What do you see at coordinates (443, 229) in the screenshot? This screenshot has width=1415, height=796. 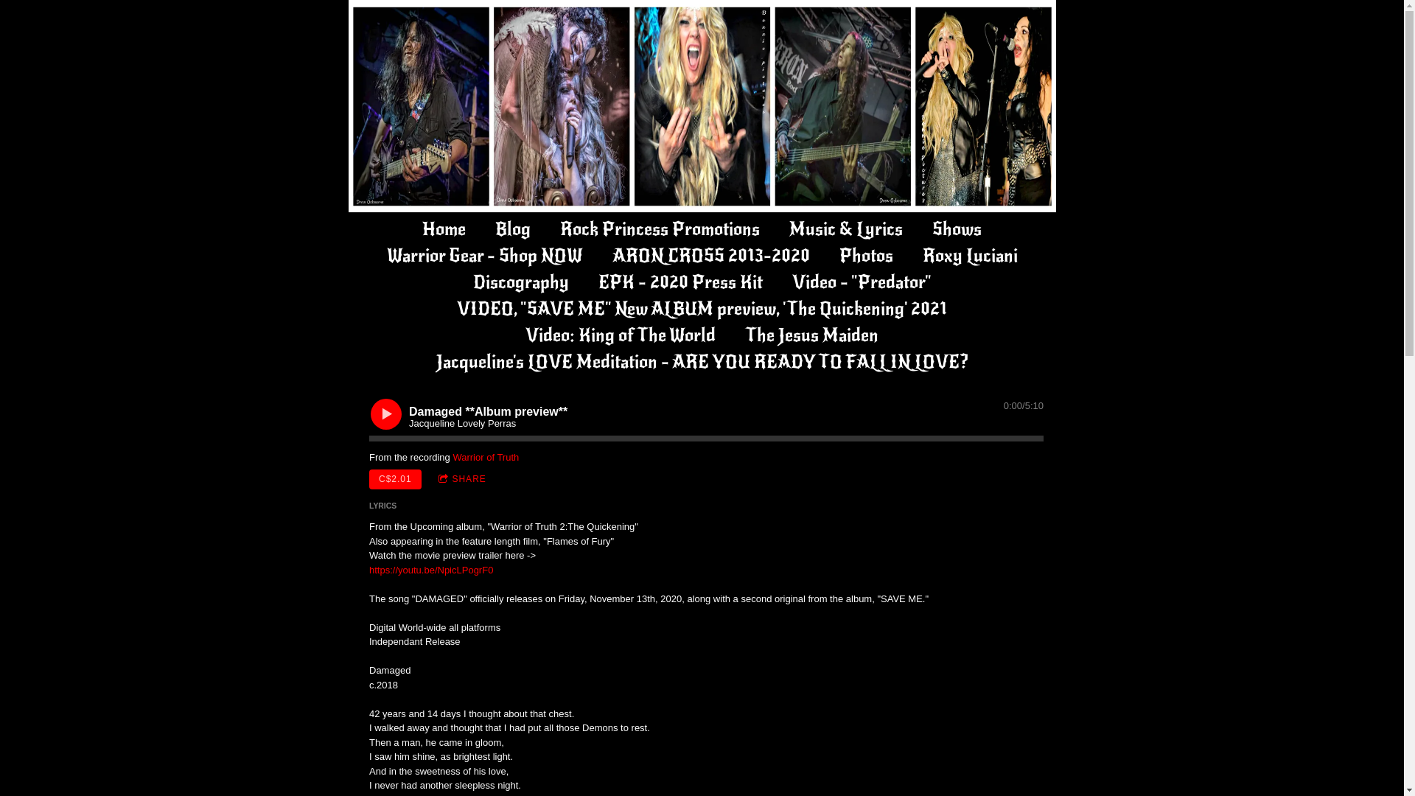 I see `'Home'` at bounding box center [443, 229].